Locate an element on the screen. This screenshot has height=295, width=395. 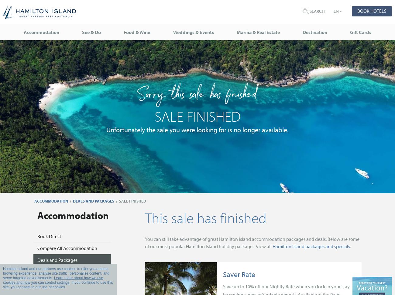
'Learn more about how we use cookies and how you can control settings.' is located at coordinates (3, 280).